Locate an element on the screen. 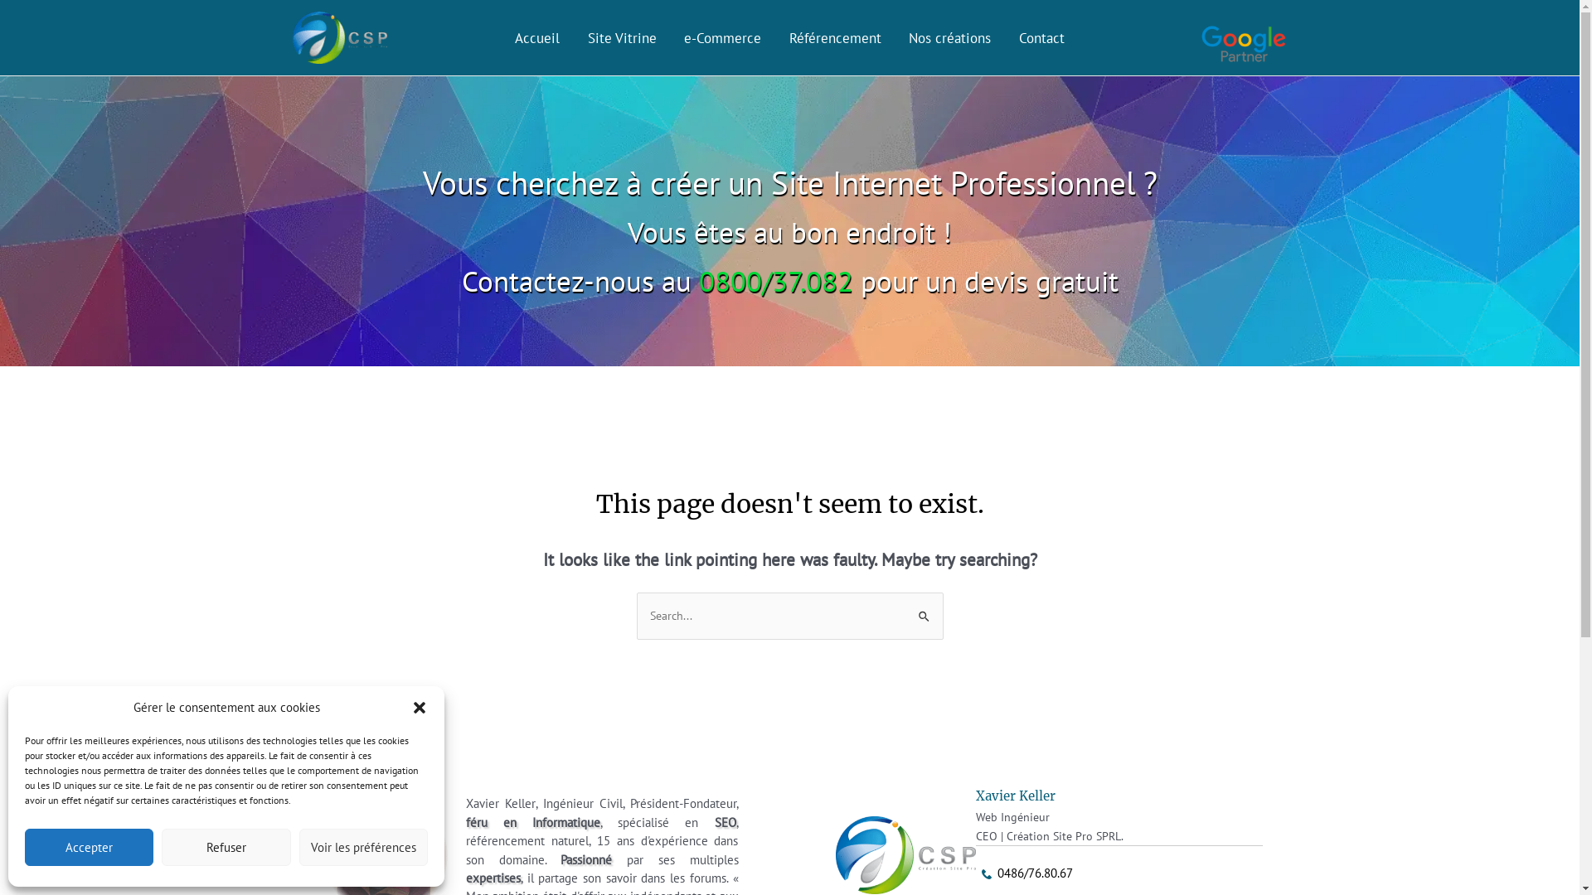 This screenshot has height=895, width=1592. 'Refuser' is located at coordinates (162, 847).